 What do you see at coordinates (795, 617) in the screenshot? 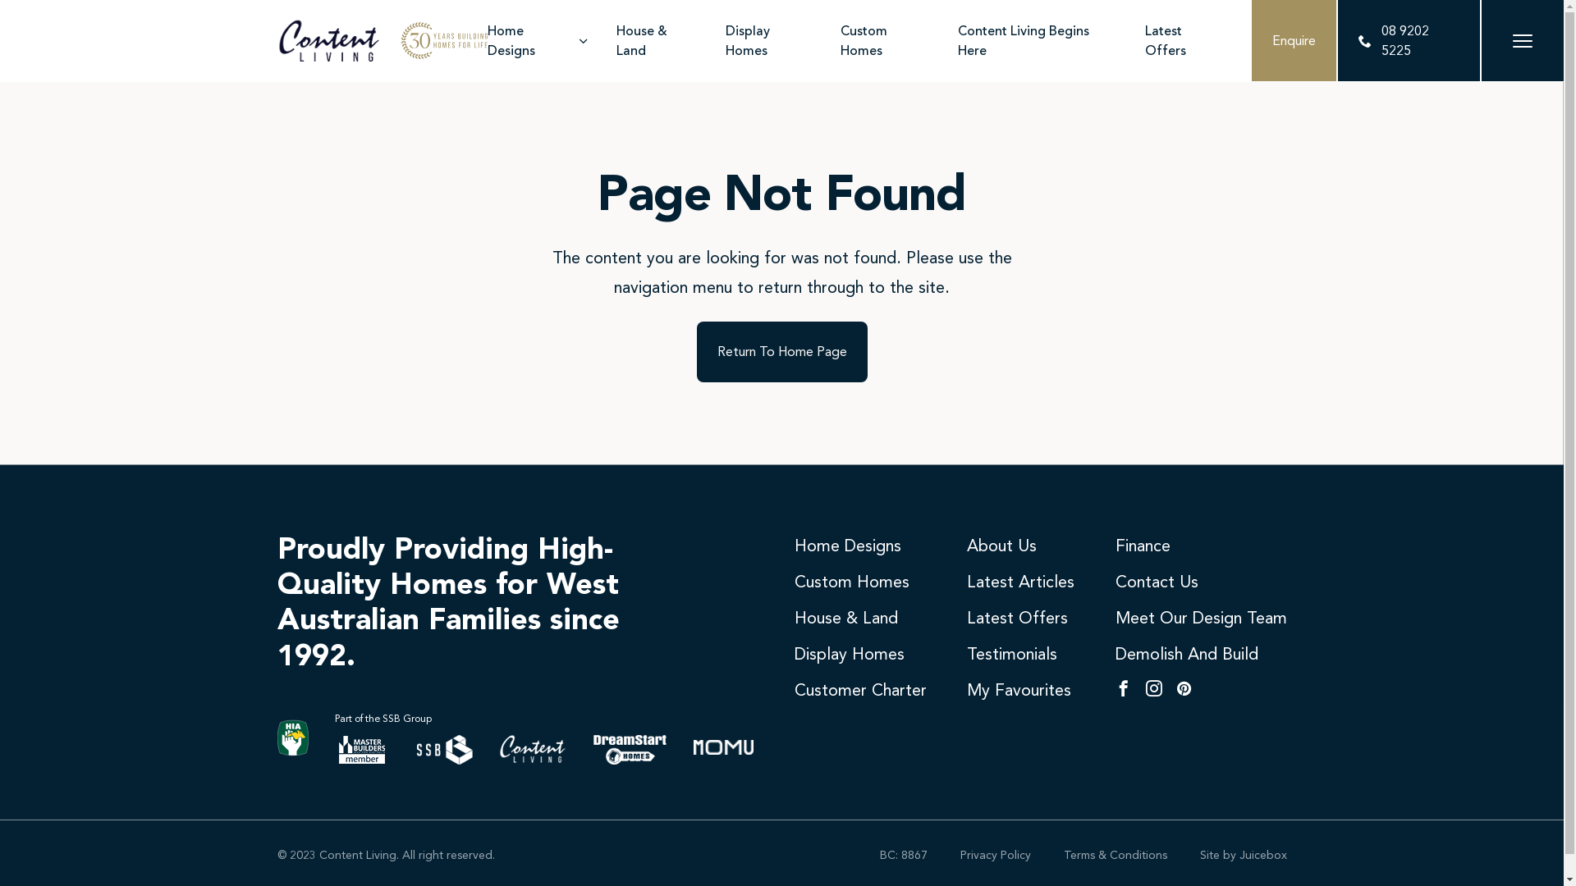
I see `'House & Land'` at bounding box center [795, 617].